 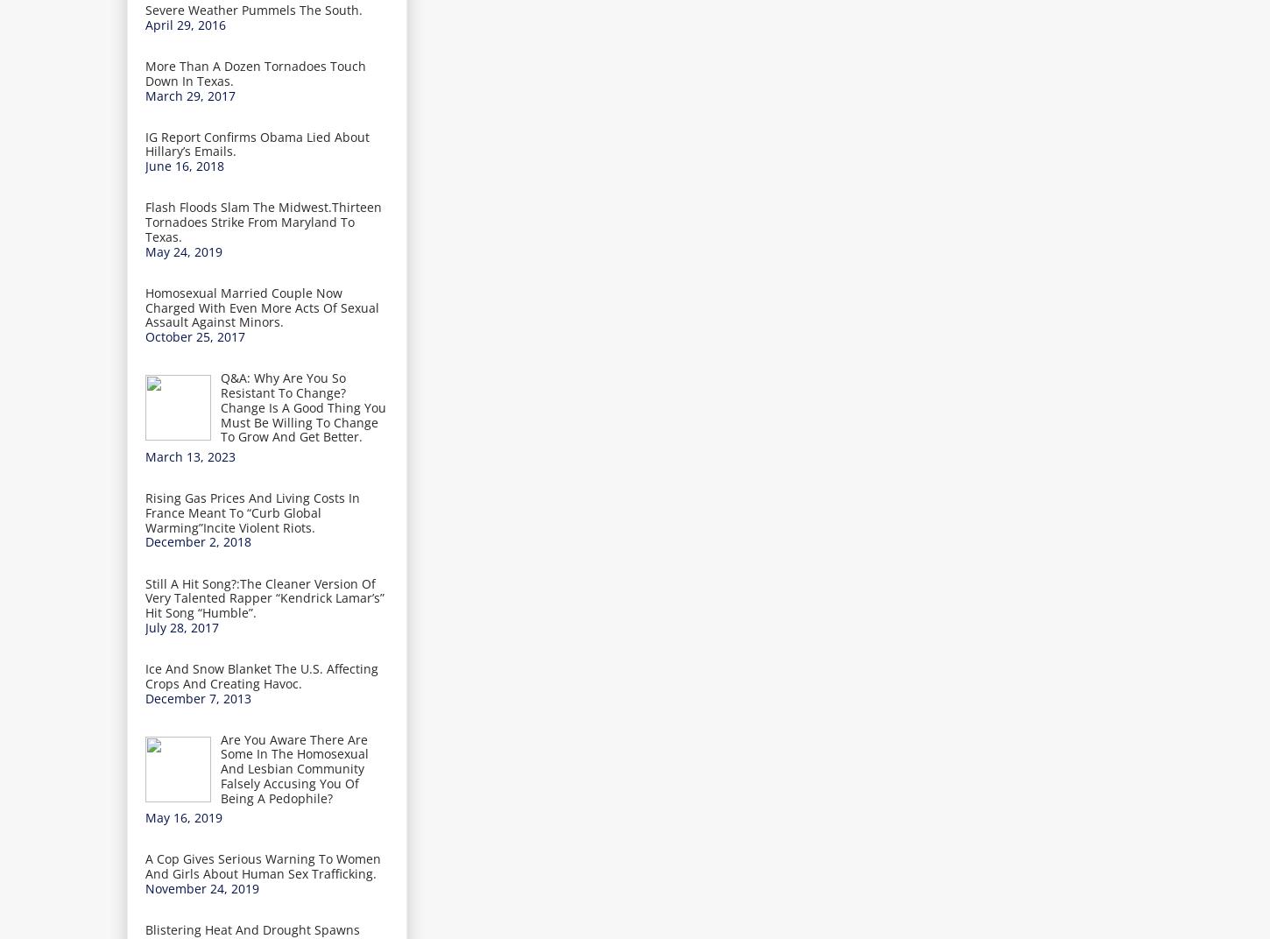 What do you see at coordinates (302, 406) in the screenshot?
I see `'Q&A: Why Are You So Resistant To Change? Change Is A Good Thing You Must Be Willing To Change To Grow And Get Better.'` at bounding box center [302, 406].